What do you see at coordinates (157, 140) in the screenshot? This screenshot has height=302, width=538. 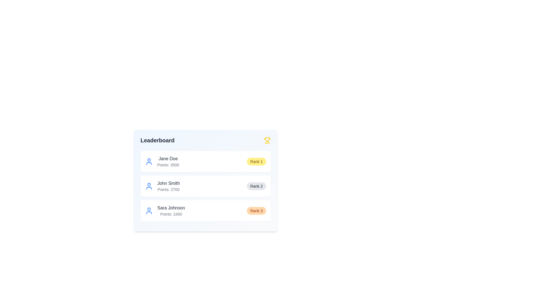 I see `the 'Leaderboard' text element, which is displayed in bold dark font at the top-left corner of the leaderboard card UI` at bounding box center [157, 140].